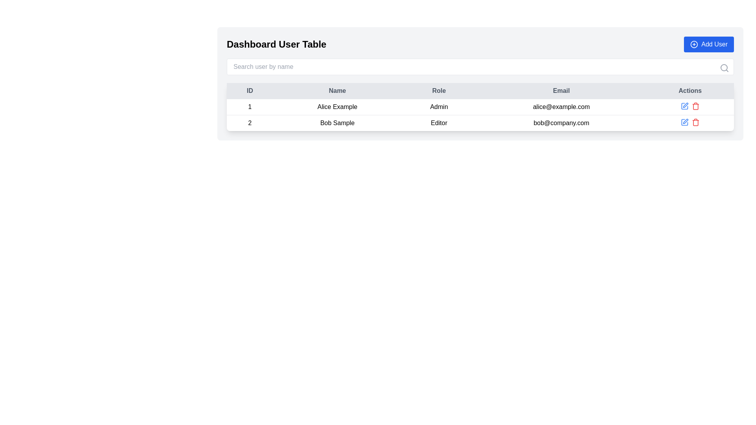 The width and height of the screenshot is (756, 425). Describe the element at coordinates (724, 67) in the screenshot. I see `the SVG Circle that represents the search feature within the magnifying glass icon located in the top-right section of the search bar on the dashboard interface` at that location.